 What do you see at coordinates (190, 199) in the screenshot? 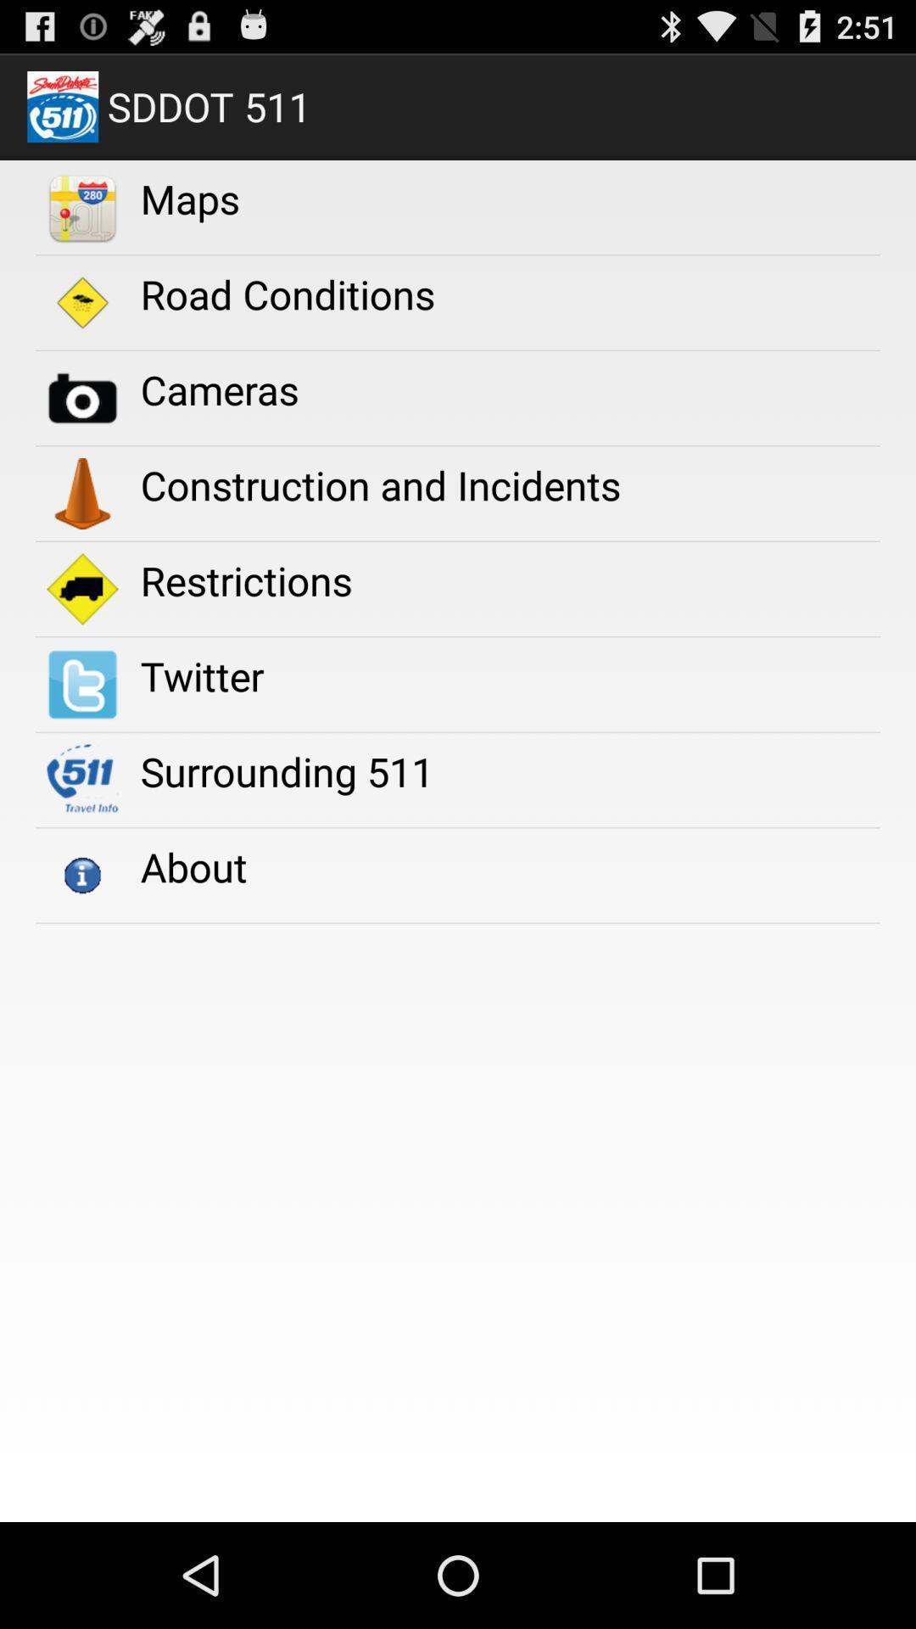
I see `app below sddot 511 icon` at bounding box center [190, 199].